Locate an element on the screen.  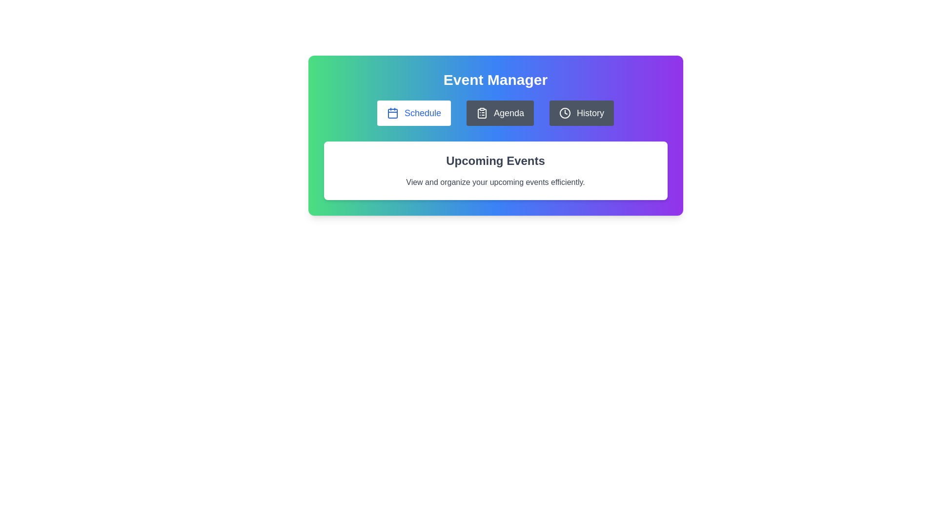
the Circle icon in the center of the clock icon, which is part of the 'History' button, to access the 'History' functionality is located at coordinates (565, 112).